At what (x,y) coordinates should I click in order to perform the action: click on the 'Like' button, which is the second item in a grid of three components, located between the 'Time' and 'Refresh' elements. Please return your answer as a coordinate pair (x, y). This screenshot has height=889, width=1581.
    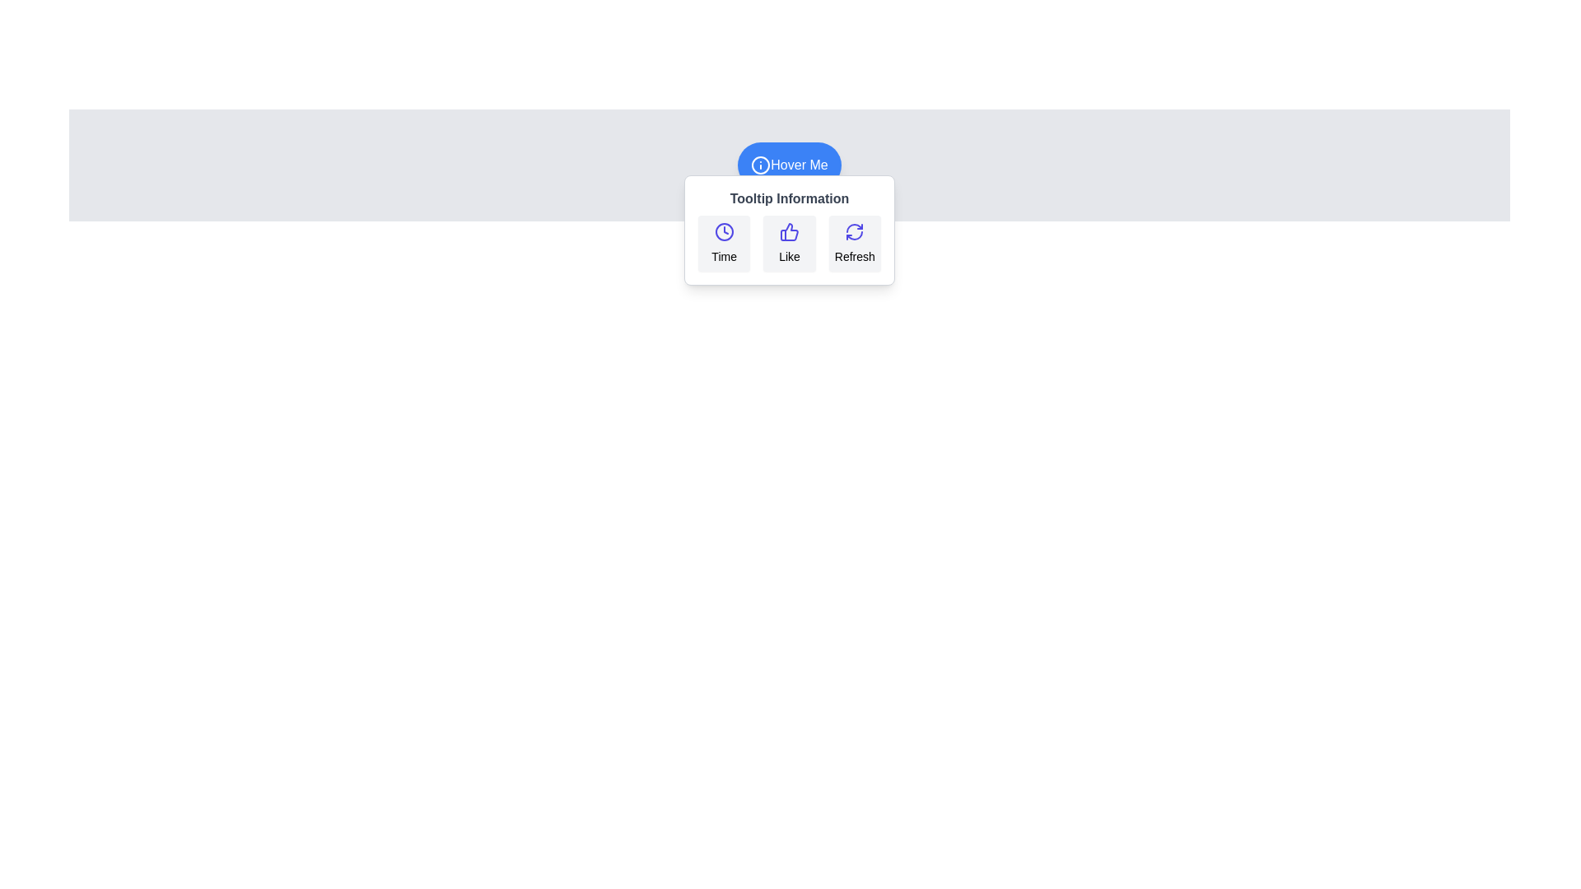
    Looking at the image, I should click on (789, 244).